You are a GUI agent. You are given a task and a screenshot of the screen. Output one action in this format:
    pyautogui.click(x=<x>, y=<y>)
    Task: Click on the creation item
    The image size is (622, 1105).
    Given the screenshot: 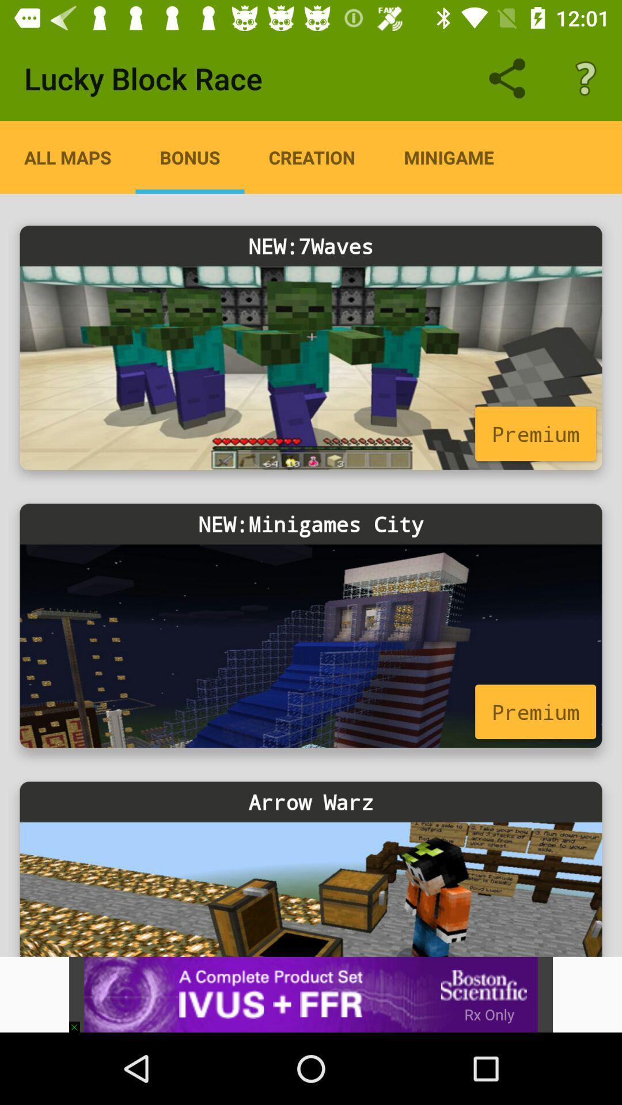 What is the action you would take?
    pyautogui.click(x=312, y=157)
    